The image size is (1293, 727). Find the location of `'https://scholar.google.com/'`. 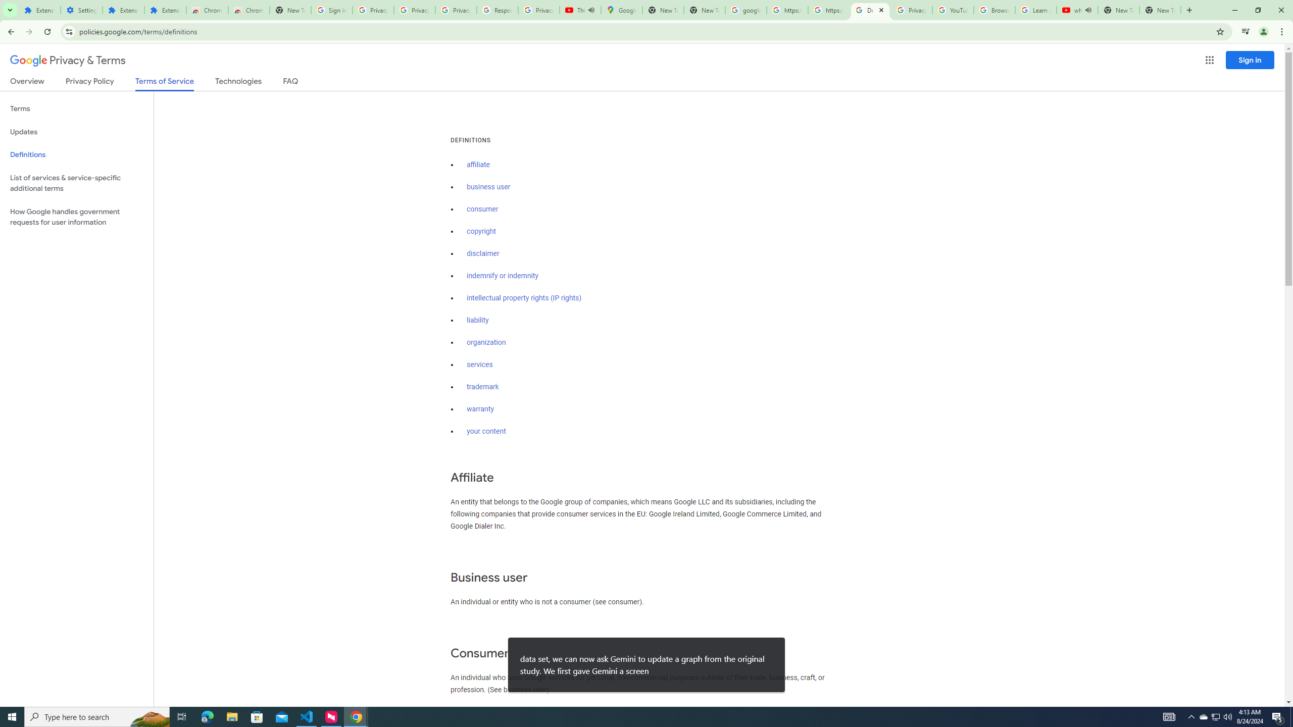

'https://scholar.google.com/' is located at coordinates (828, 10).